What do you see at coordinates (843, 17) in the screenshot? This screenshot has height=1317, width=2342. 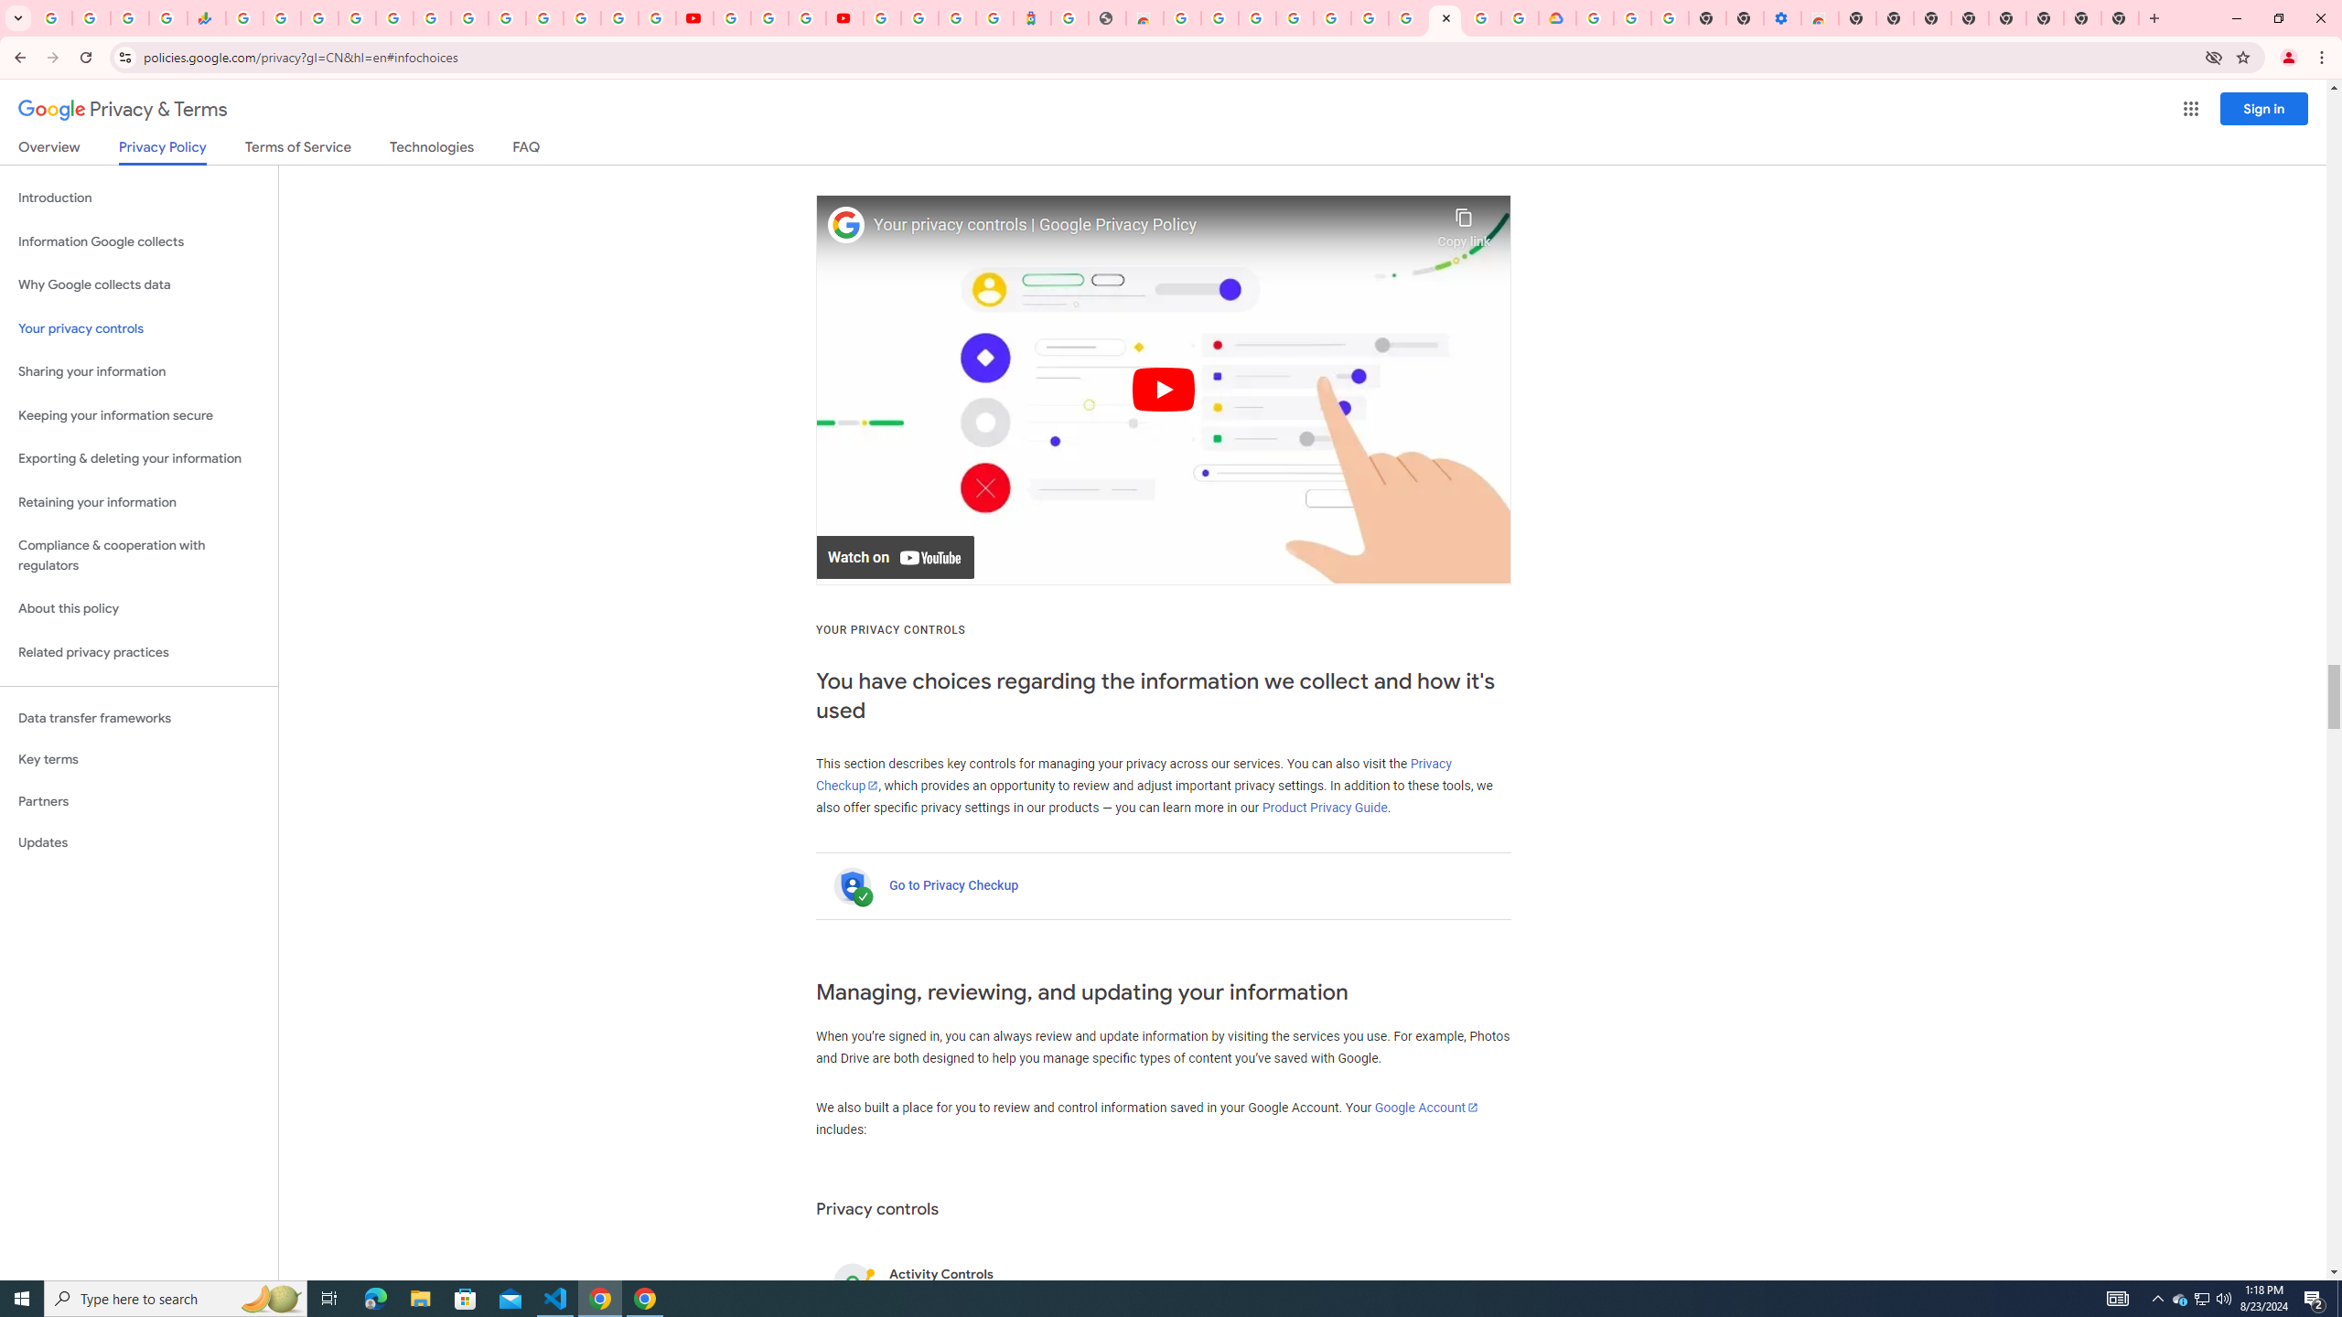 I see `'Content Creator Programs & Opportunities - YouTube Creators'` at bounding box center [843, 17].